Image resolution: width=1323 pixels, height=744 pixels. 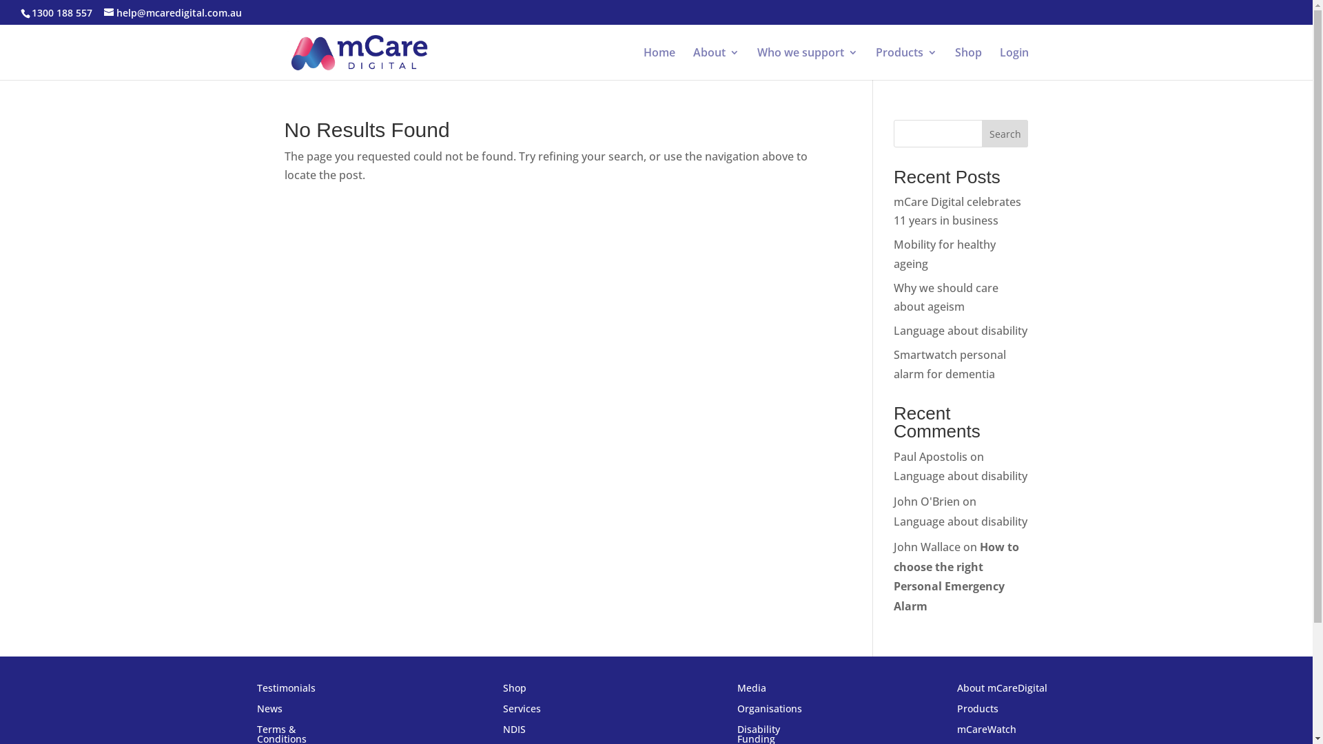 What do you see at coordinates (750, 690) in the screenshot?
I see `'Media'` at bounding box center [750, 690].